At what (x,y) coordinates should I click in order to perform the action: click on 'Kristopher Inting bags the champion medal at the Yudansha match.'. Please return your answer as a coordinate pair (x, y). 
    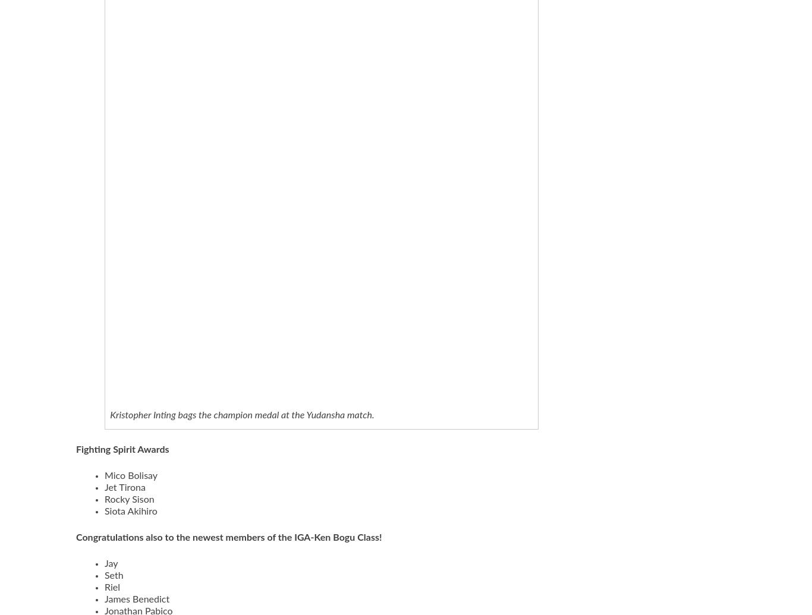
    Looking at the image, I should click on (241, 415).